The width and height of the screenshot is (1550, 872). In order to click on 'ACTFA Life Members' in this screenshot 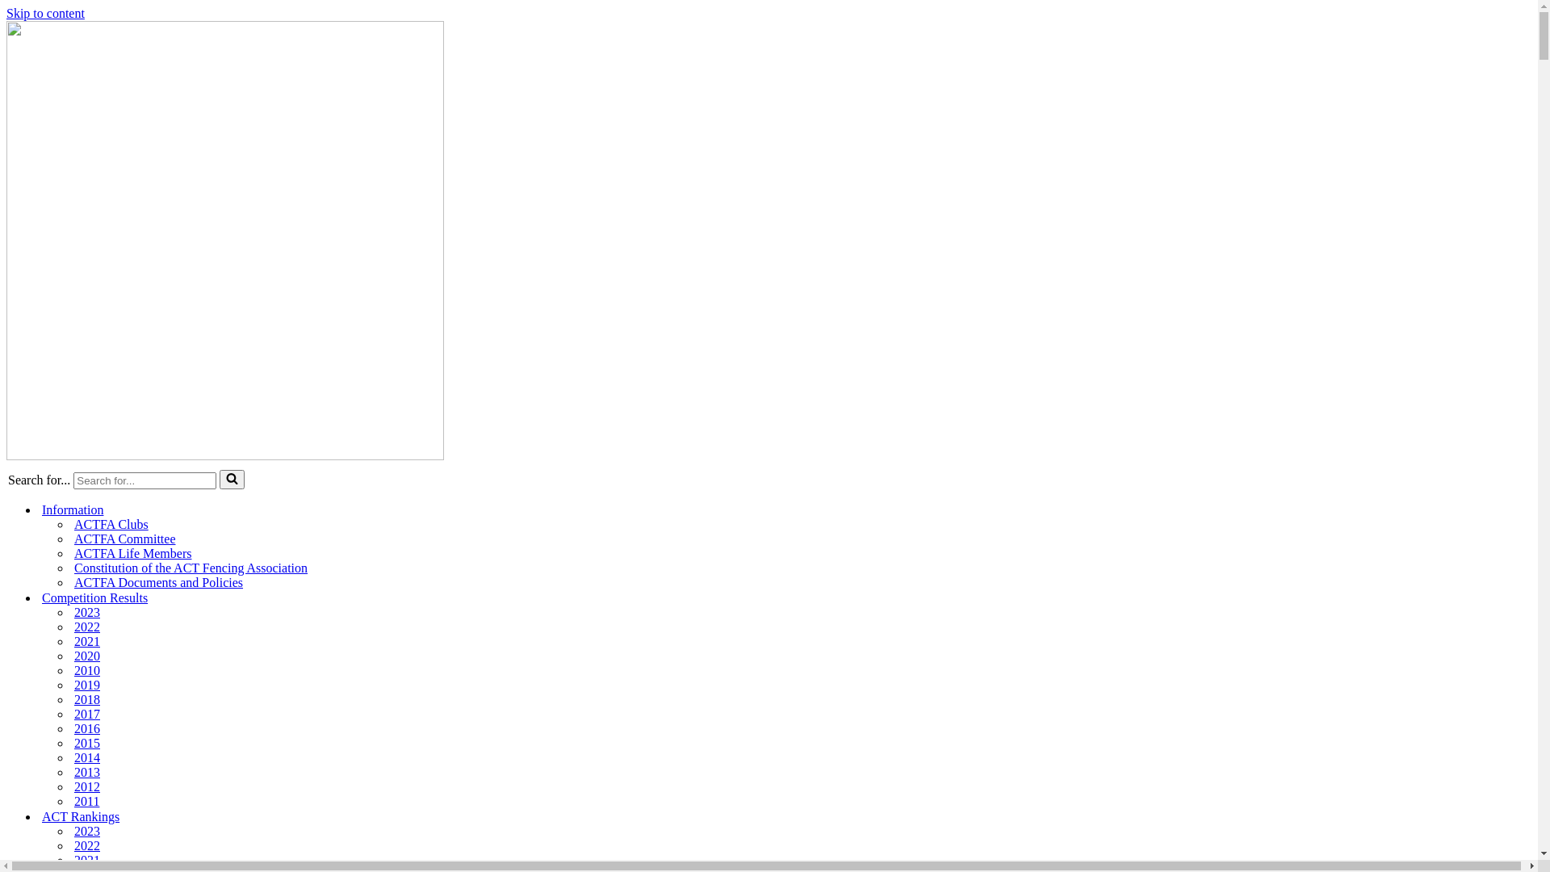, I will do `click(73, 553)`.